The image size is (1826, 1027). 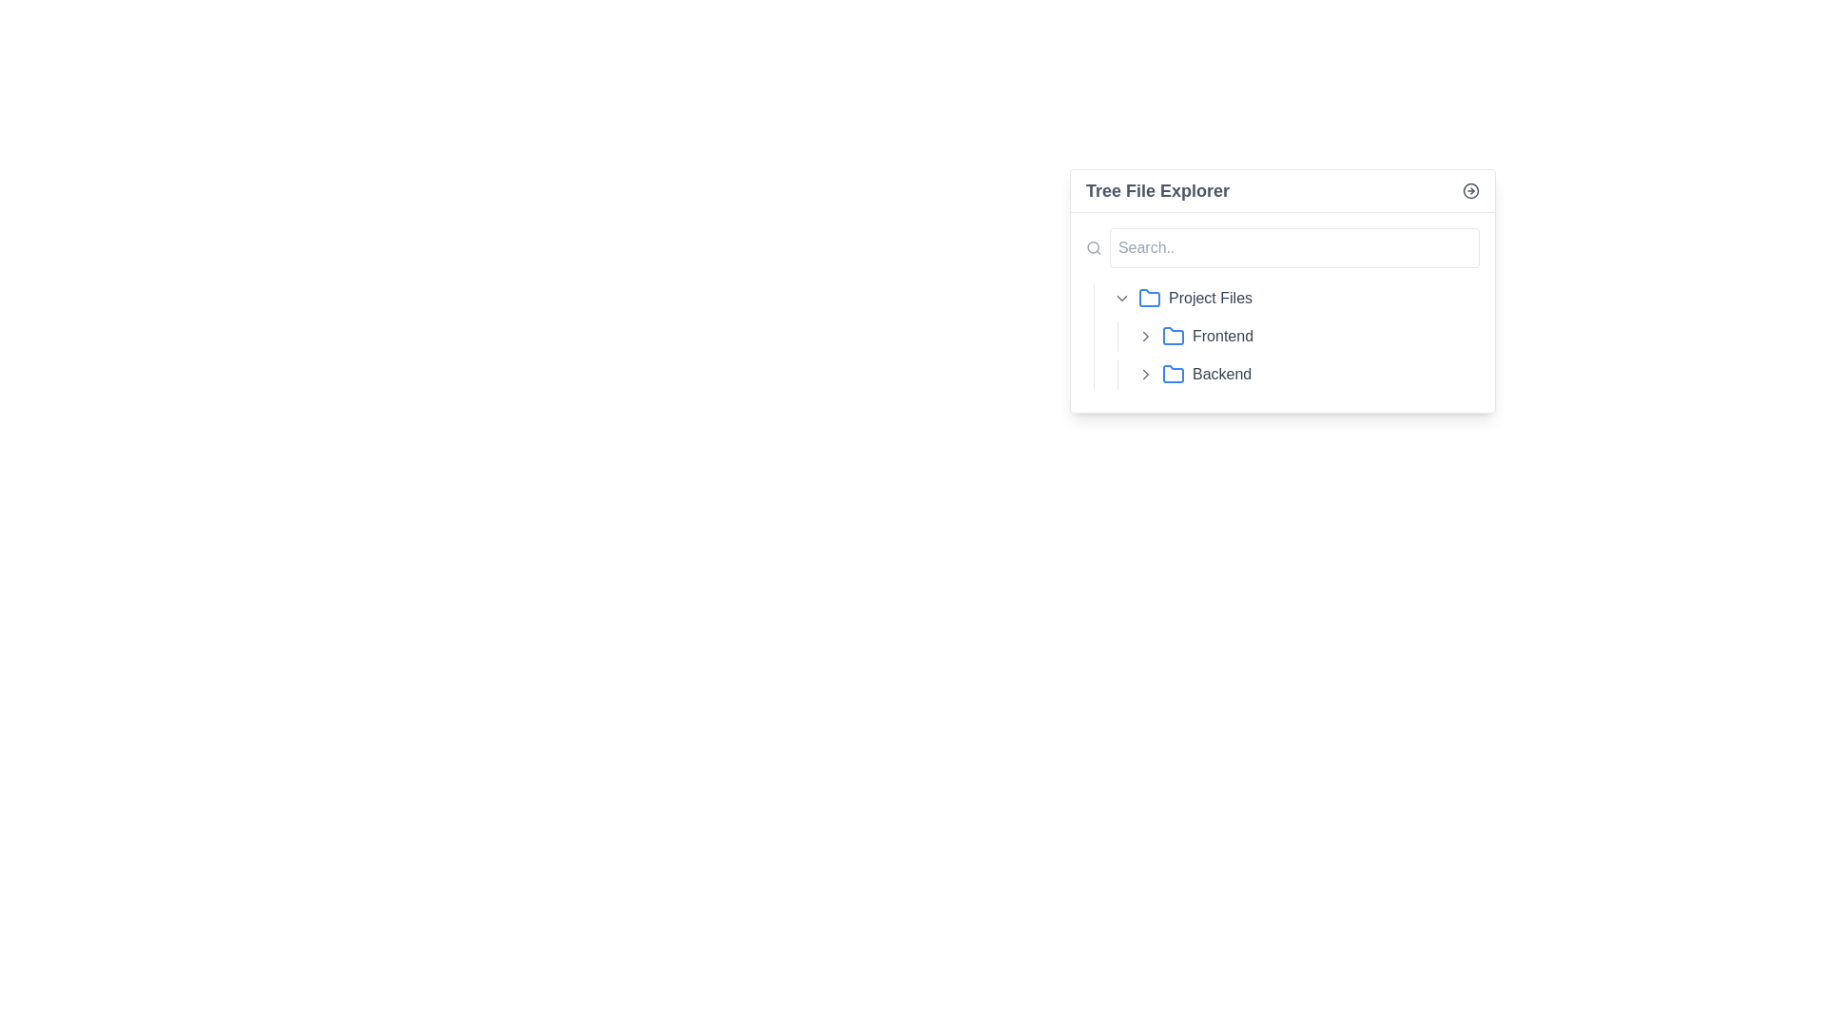 I want to click on the Tree File Explorer Component at the center point, so click(x=1282, y=290).